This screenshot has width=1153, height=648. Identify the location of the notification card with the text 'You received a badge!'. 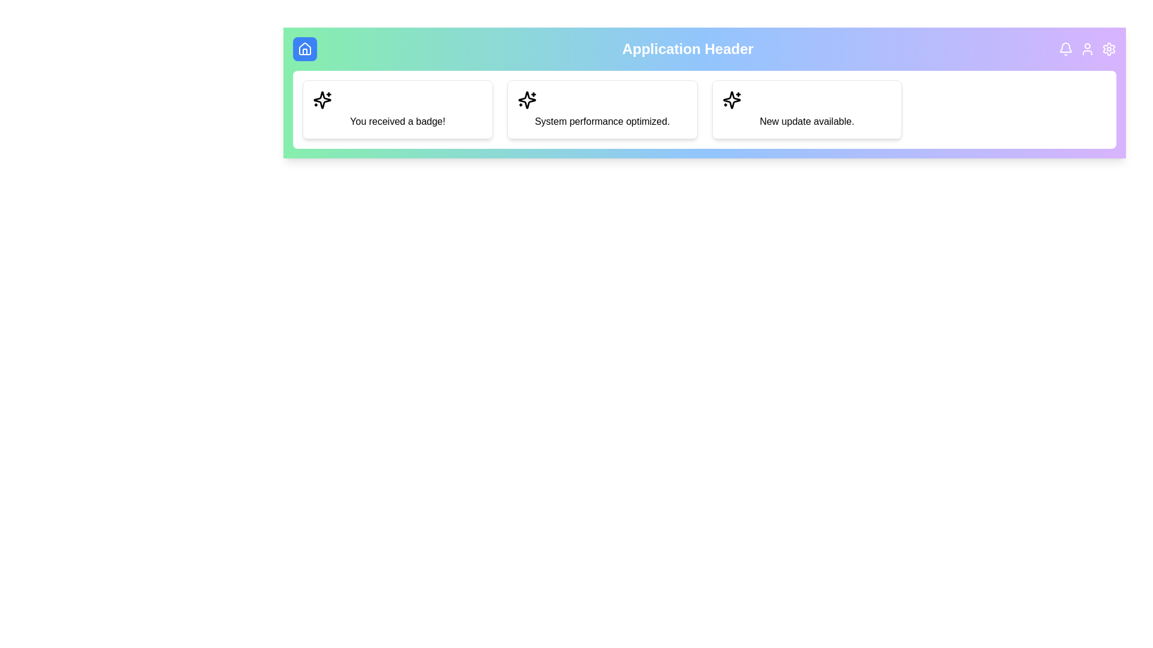
(398, 109).